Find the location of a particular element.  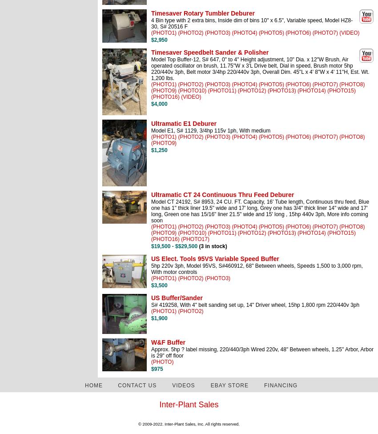

'CONTACT US' is located at coordinates (137, 385).